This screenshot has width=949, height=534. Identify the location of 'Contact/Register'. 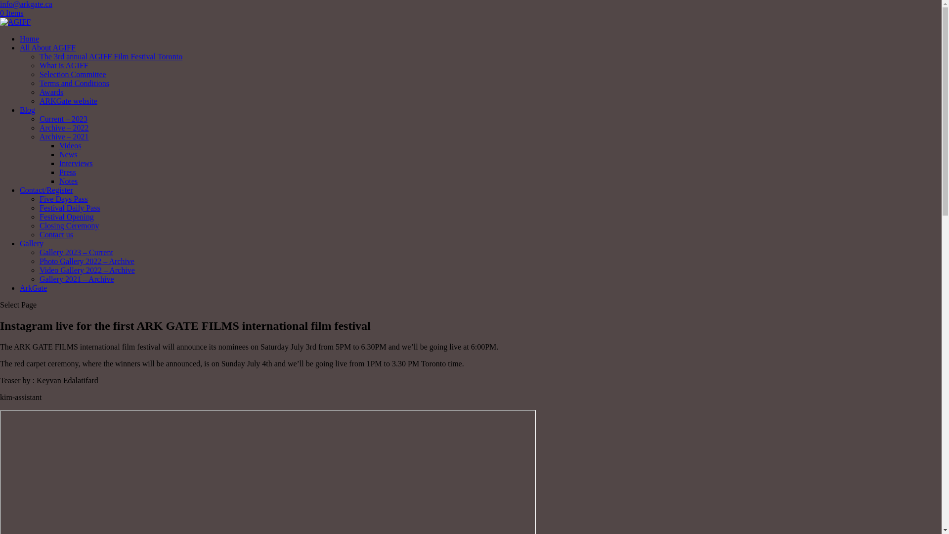
(46, 190).